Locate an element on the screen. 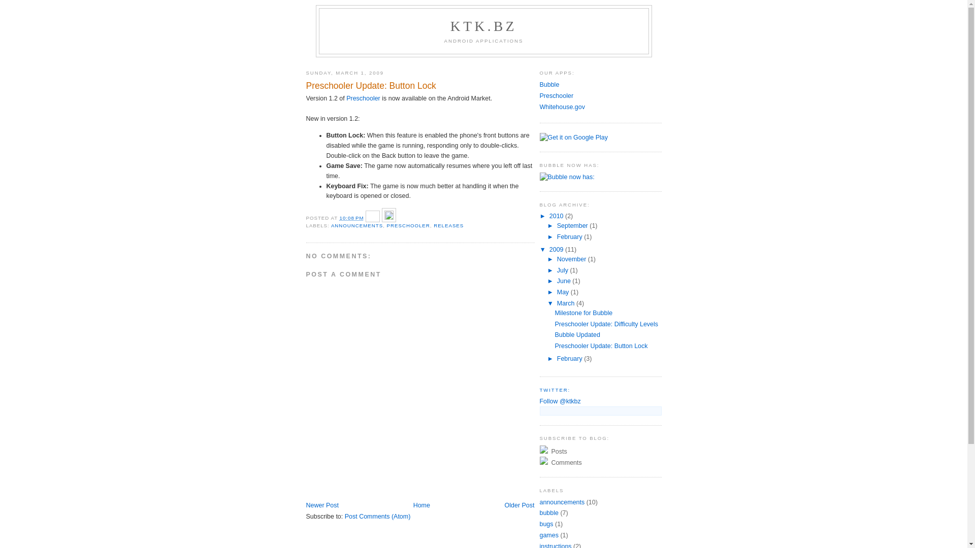 The image size is (975, 548). 'TWITTER:' is located at coordinates (538, 389).